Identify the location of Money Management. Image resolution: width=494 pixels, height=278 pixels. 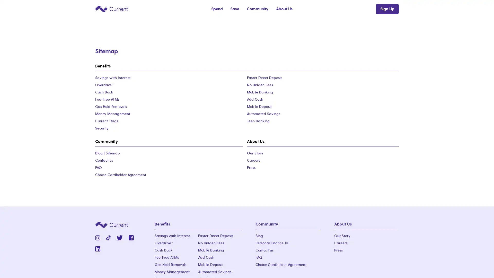
(172, 272).